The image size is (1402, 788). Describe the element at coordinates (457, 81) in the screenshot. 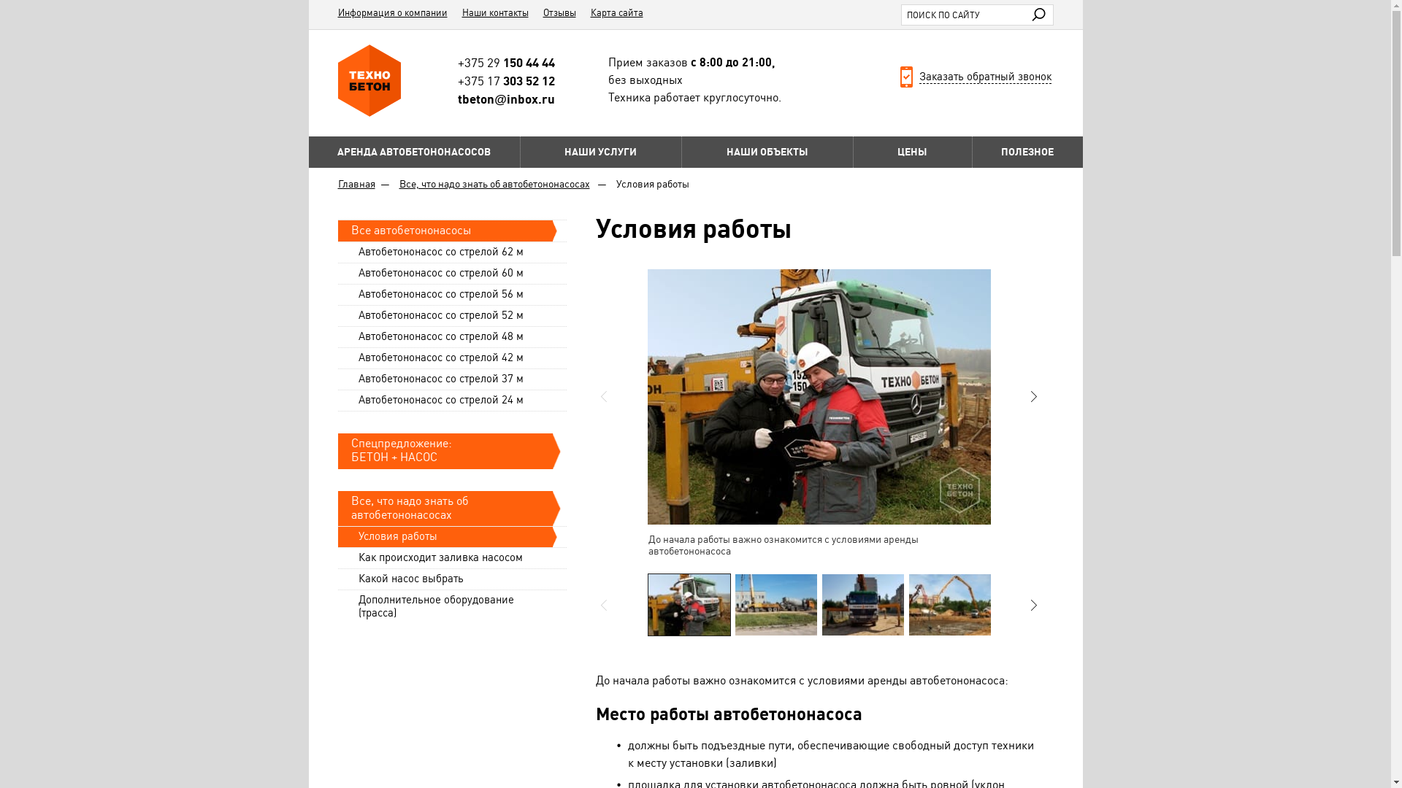

I see `'+375 17 303 52 12'` at that location.